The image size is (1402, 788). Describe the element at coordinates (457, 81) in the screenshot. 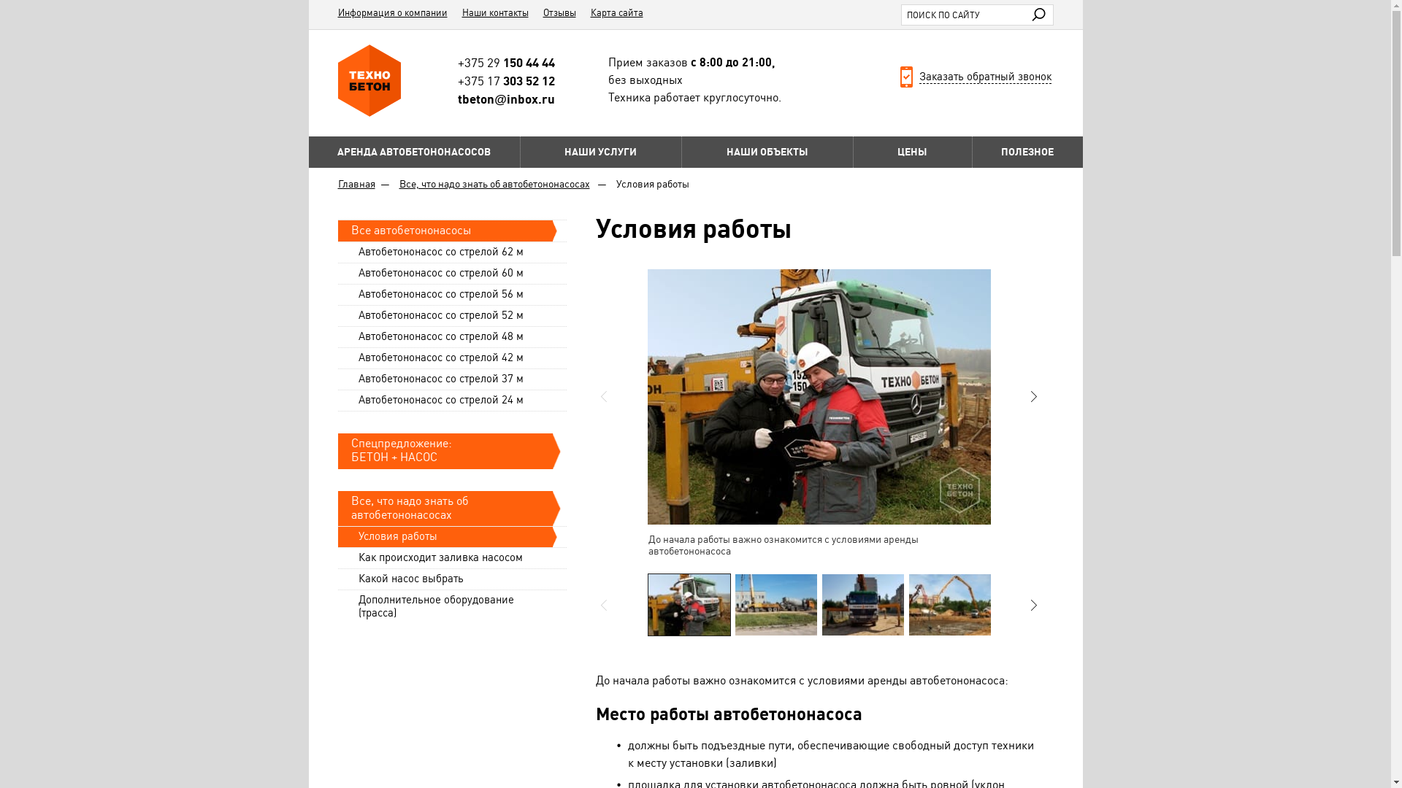

I see `'+375 17 303 52 12'` at that location.